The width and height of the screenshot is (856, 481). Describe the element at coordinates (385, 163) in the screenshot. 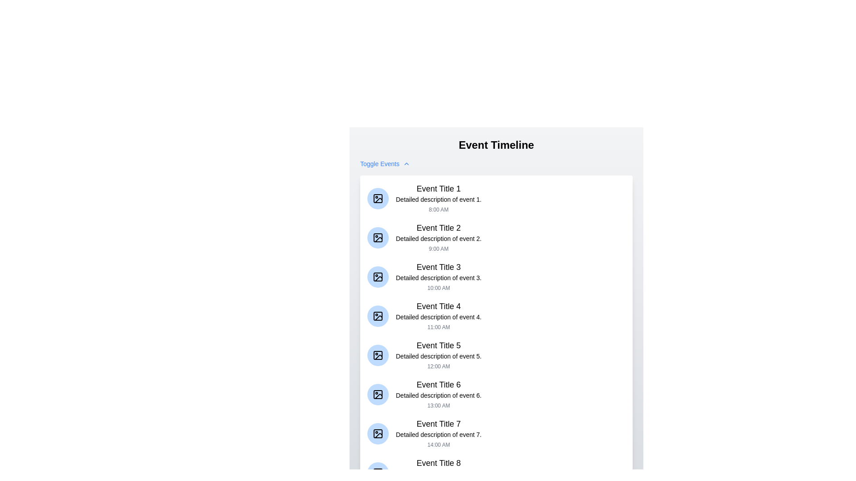

I see `the 'Toggle Events' button to toggle the visibility of the event list` at that location.